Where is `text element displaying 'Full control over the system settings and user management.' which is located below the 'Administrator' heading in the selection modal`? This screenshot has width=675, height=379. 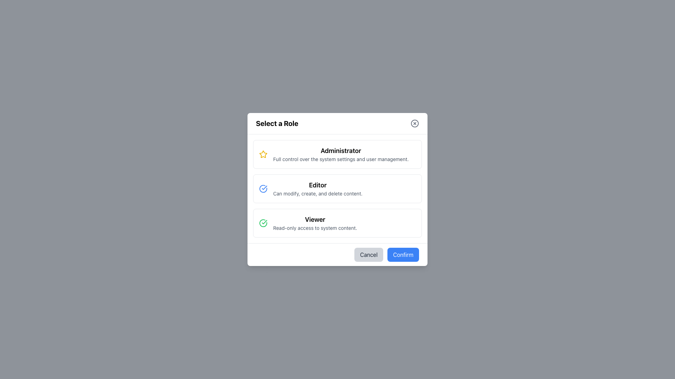
text element displaying 'Full control over the system settings and user management.' which is located below the 'Administrator' heading in the selection modal is located at coordinates (341, 159).